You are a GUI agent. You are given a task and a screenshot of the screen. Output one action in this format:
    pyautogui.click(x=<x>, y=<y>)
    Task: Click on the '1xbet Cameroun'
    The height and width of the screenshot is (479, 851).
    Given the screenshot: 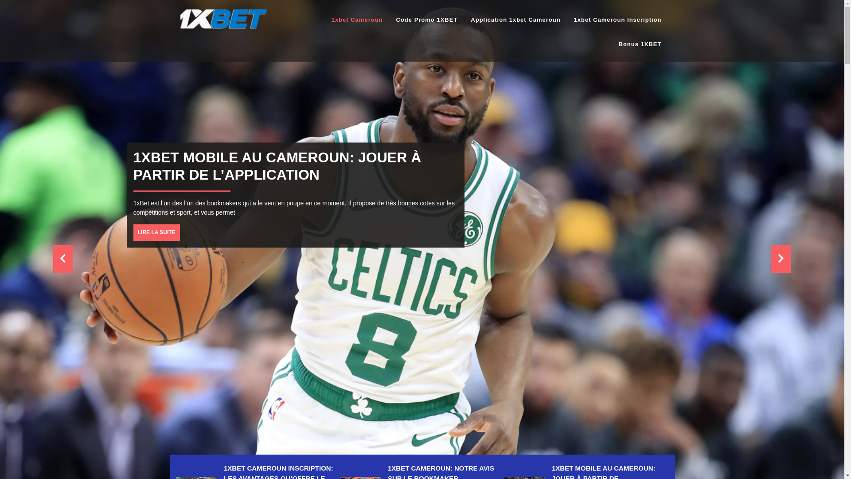 What is the action you would take?
    pyautogui.click(x=357, y=20)
    